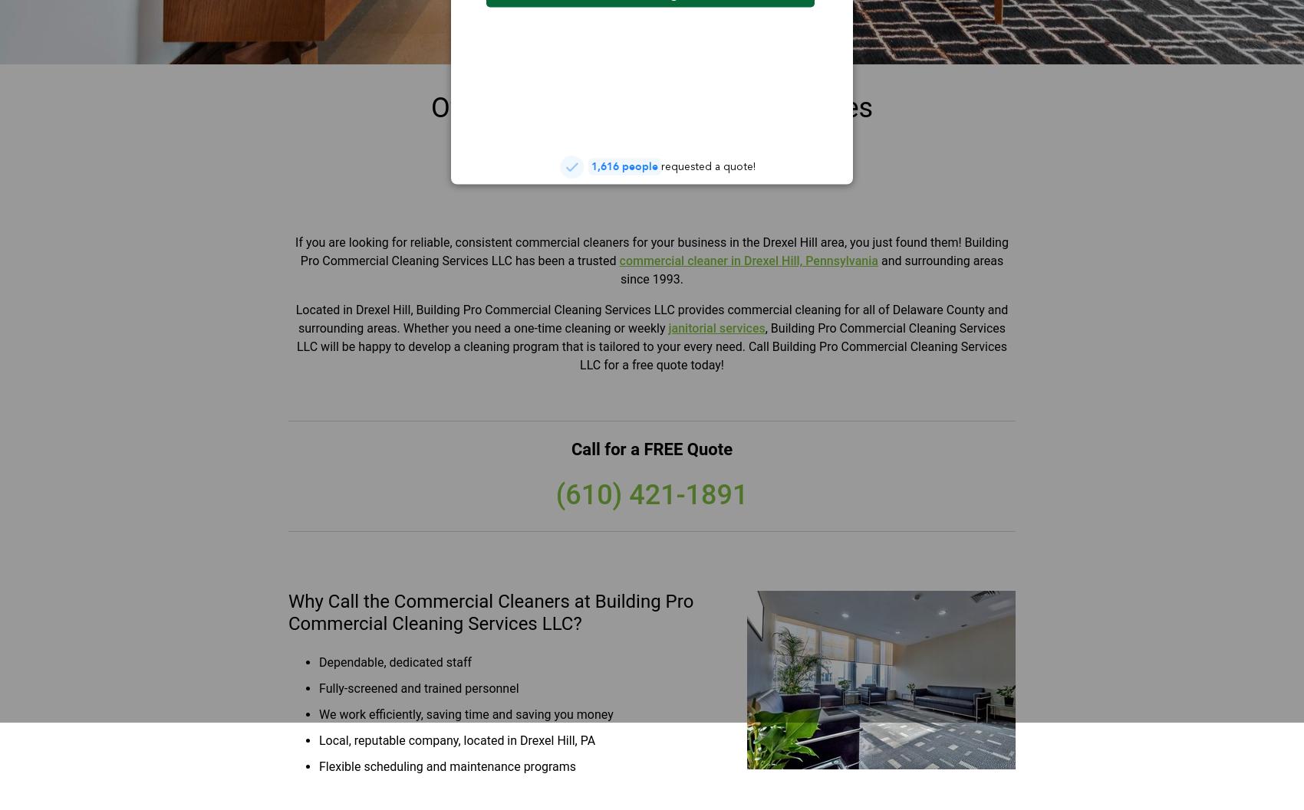 The image size is (1304, 810). What do you see at coordinates (650, 318) in the screenshot?
I see `'Located in Drexel Hill, Building Pro Commercial Cleaning Services LLC provides commercial cleaning for all of Delaware County and surrounding areas. Whether you need a one-time cleaning or weekly'` at bounding box center [650, 318].